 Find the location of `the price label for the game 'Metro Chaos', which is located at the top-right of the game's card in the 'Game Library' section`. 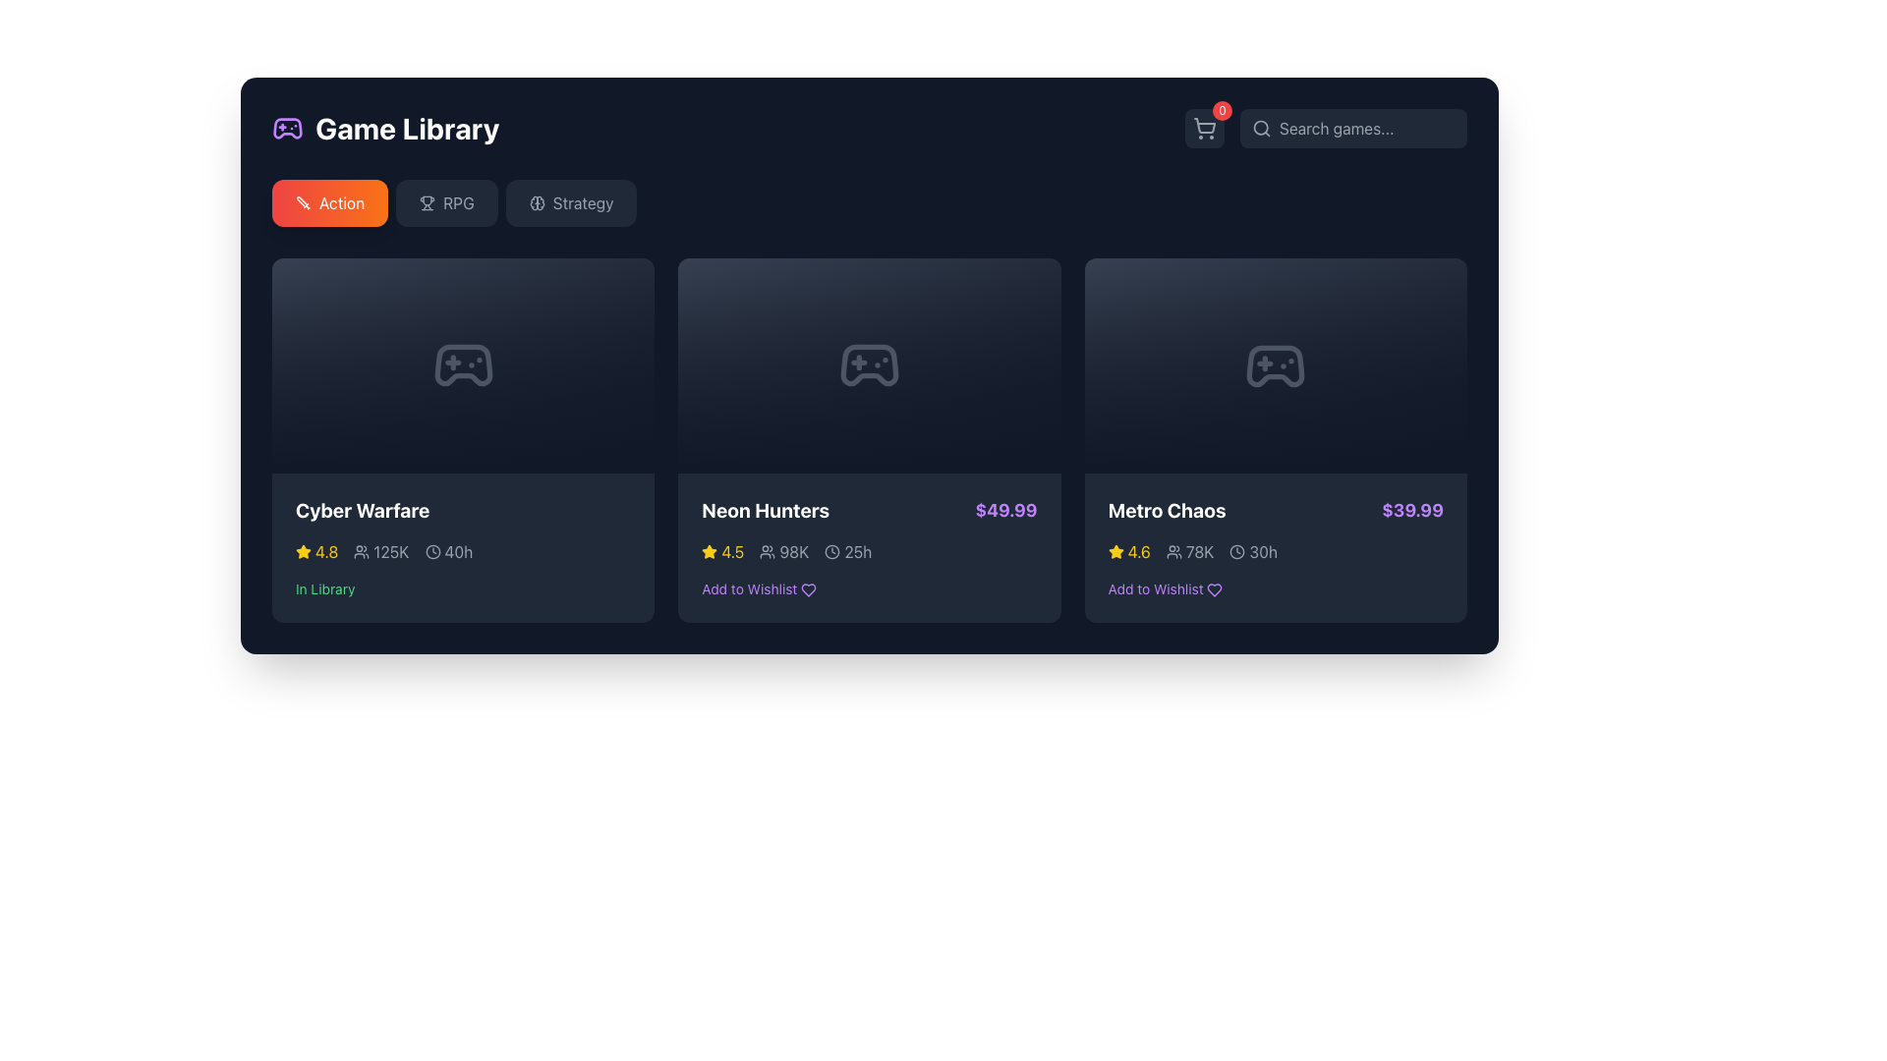

the price label for the game 'Metro Chaos', which is located at the top-right of the game's card in the 'Game Library' section is located at coordinates (1411, 510).